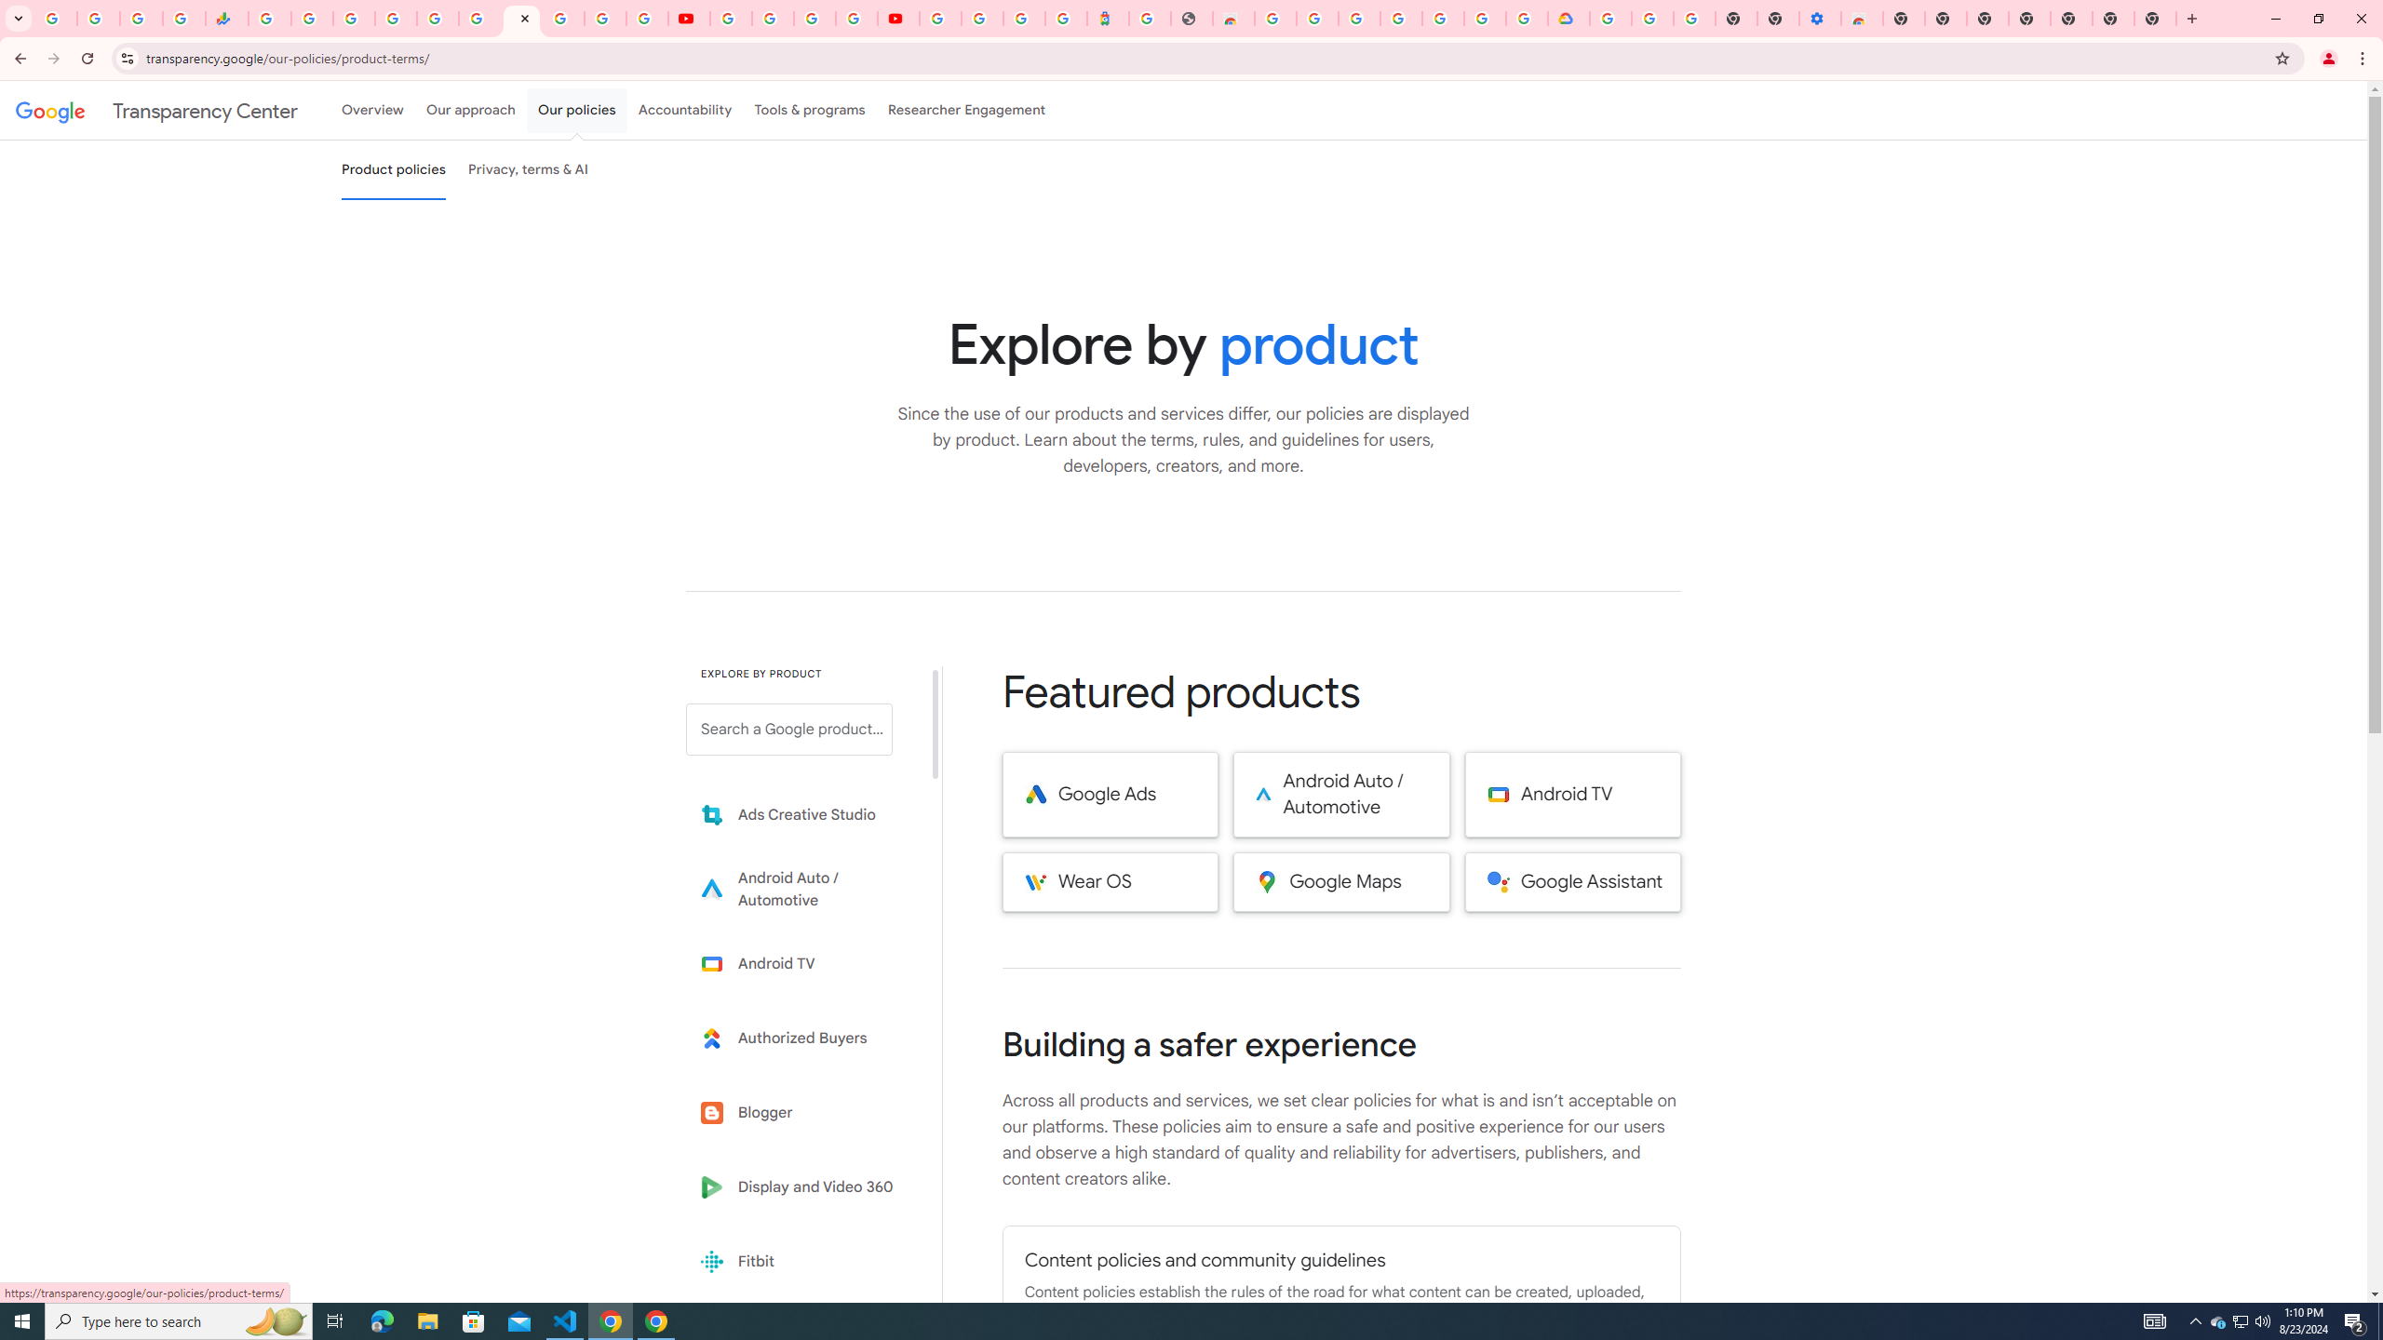  I want to click on 'Chrome Web Store - Accessibility extensions', so click(1862, 18).